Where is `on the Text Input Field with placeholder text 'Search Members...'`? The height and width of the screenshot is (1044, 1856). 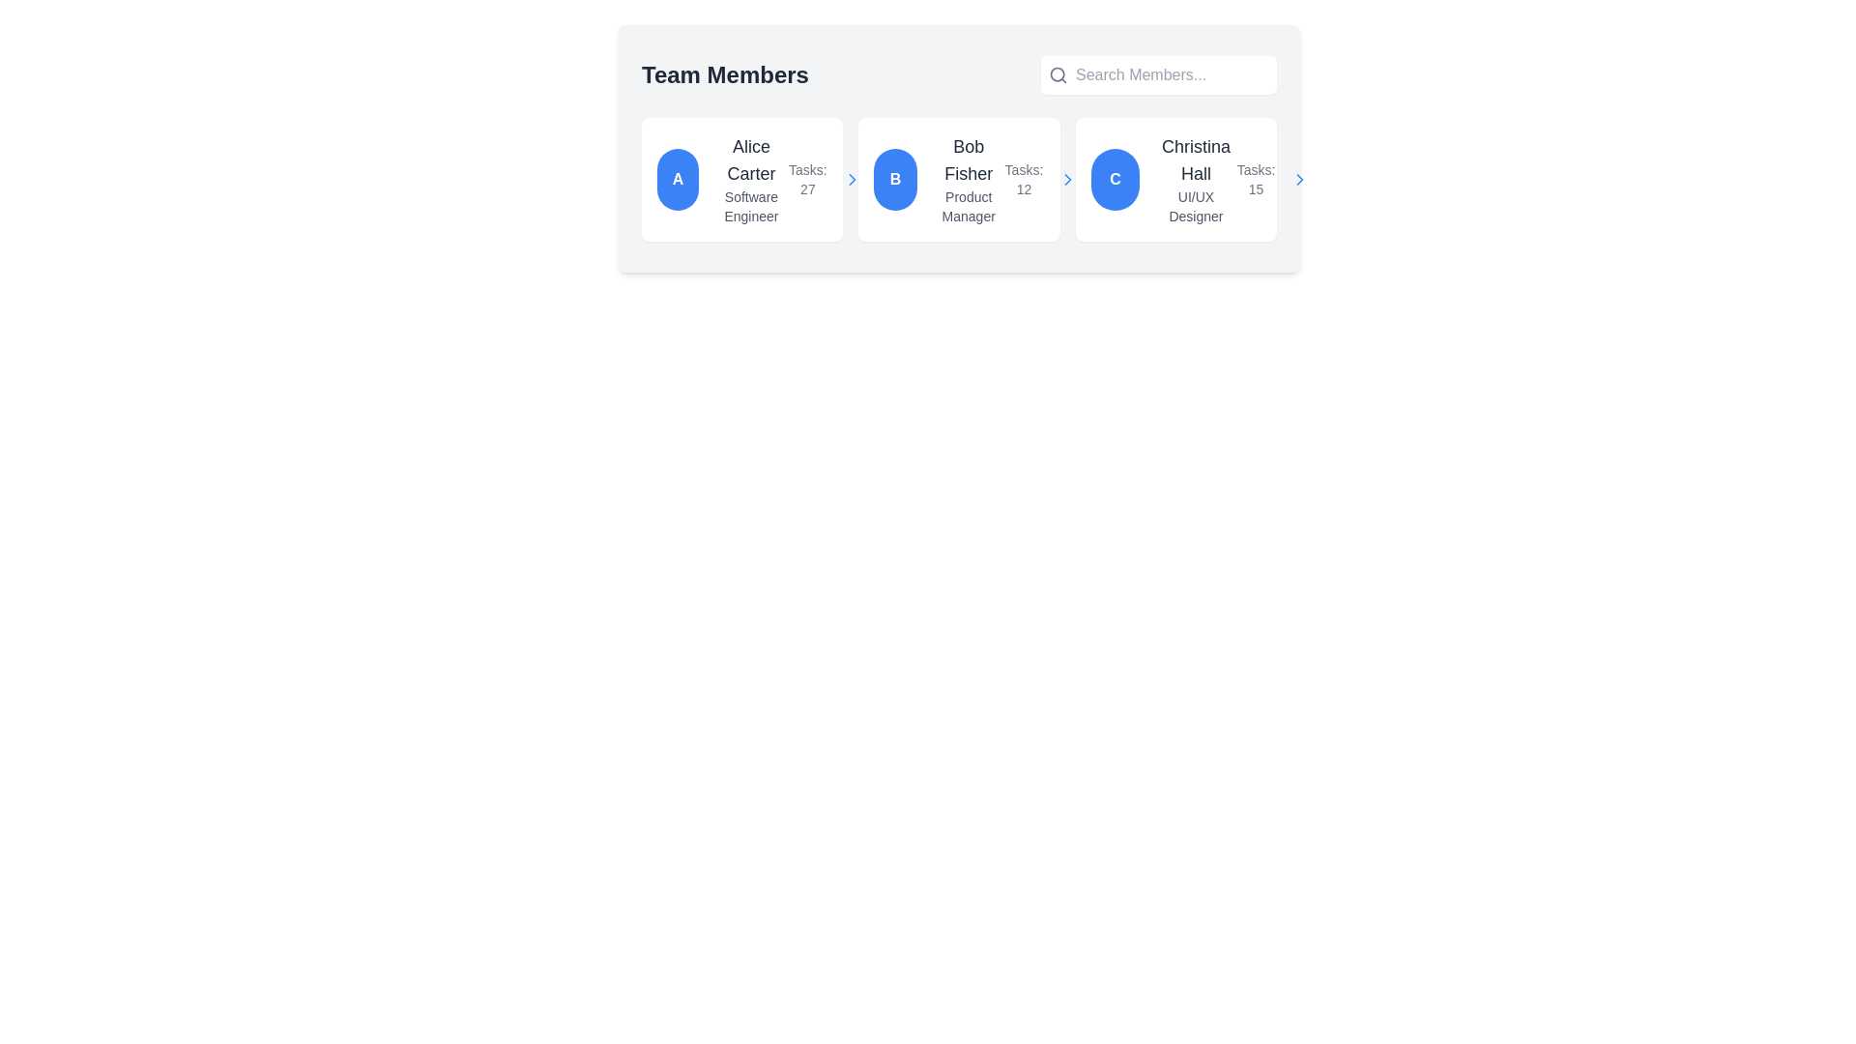 on the Text Input Field with placeholder text 'Search Members...' is located at coordinates (1172, 73).